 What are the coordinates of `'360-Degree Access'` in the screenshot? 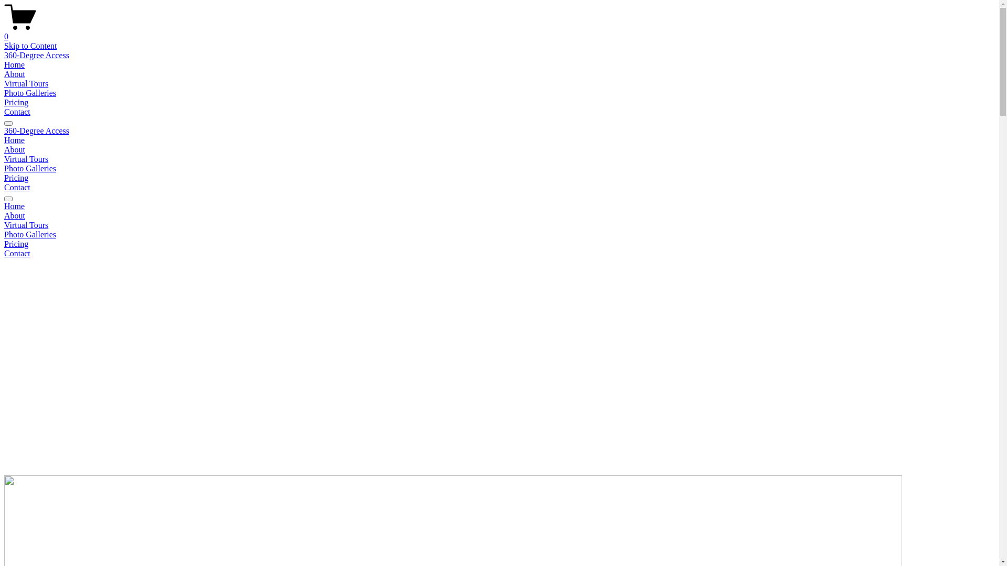 It's located at (37, 55).